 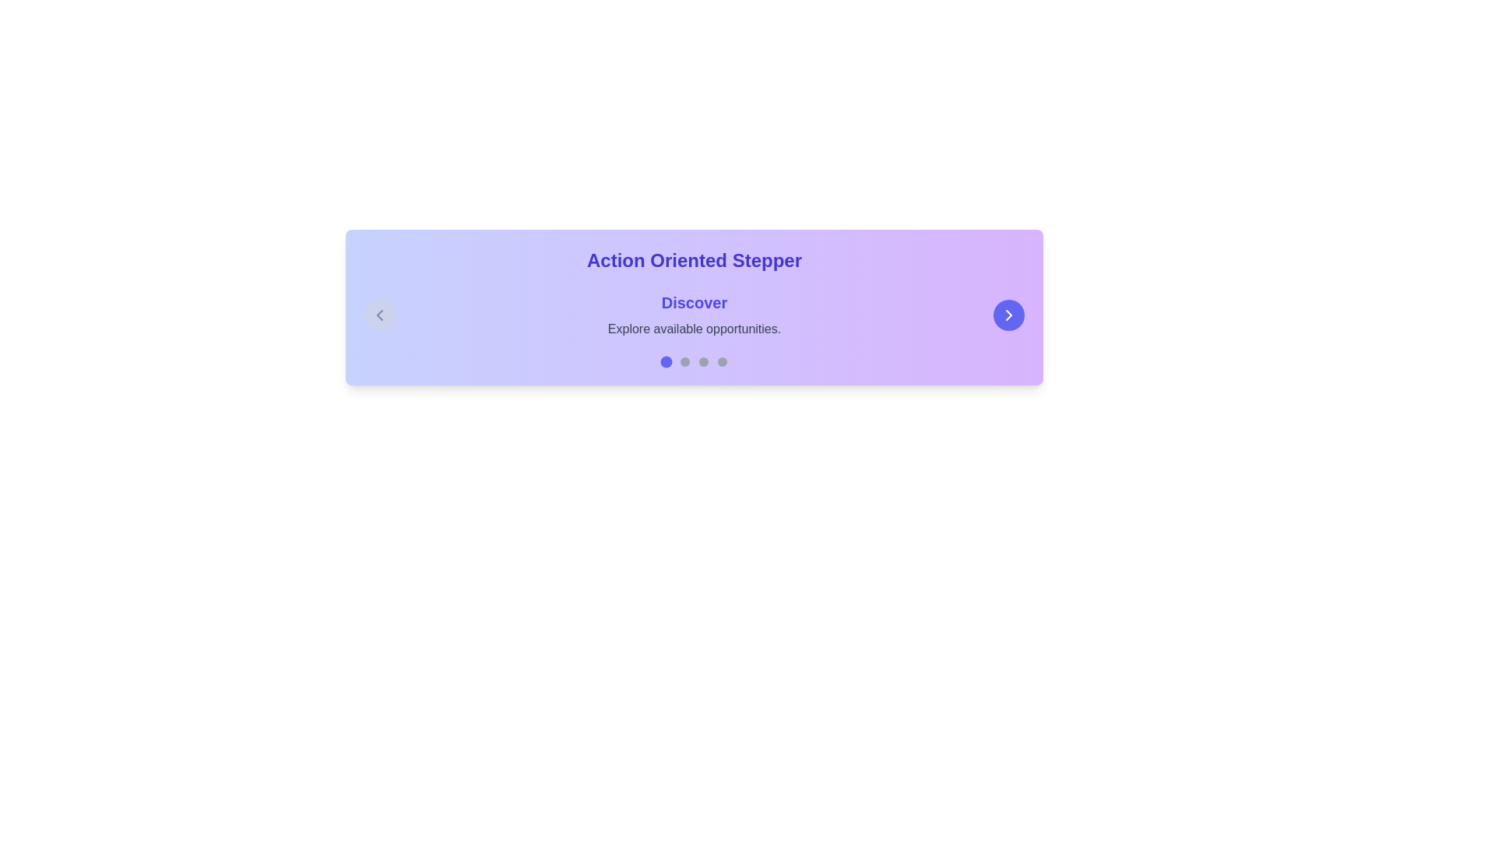 I want to click on the fourth and rightmost Circle navigation indicator dot, which is gray and has a smooth, rounded appearance, so click(x=721, y=362).